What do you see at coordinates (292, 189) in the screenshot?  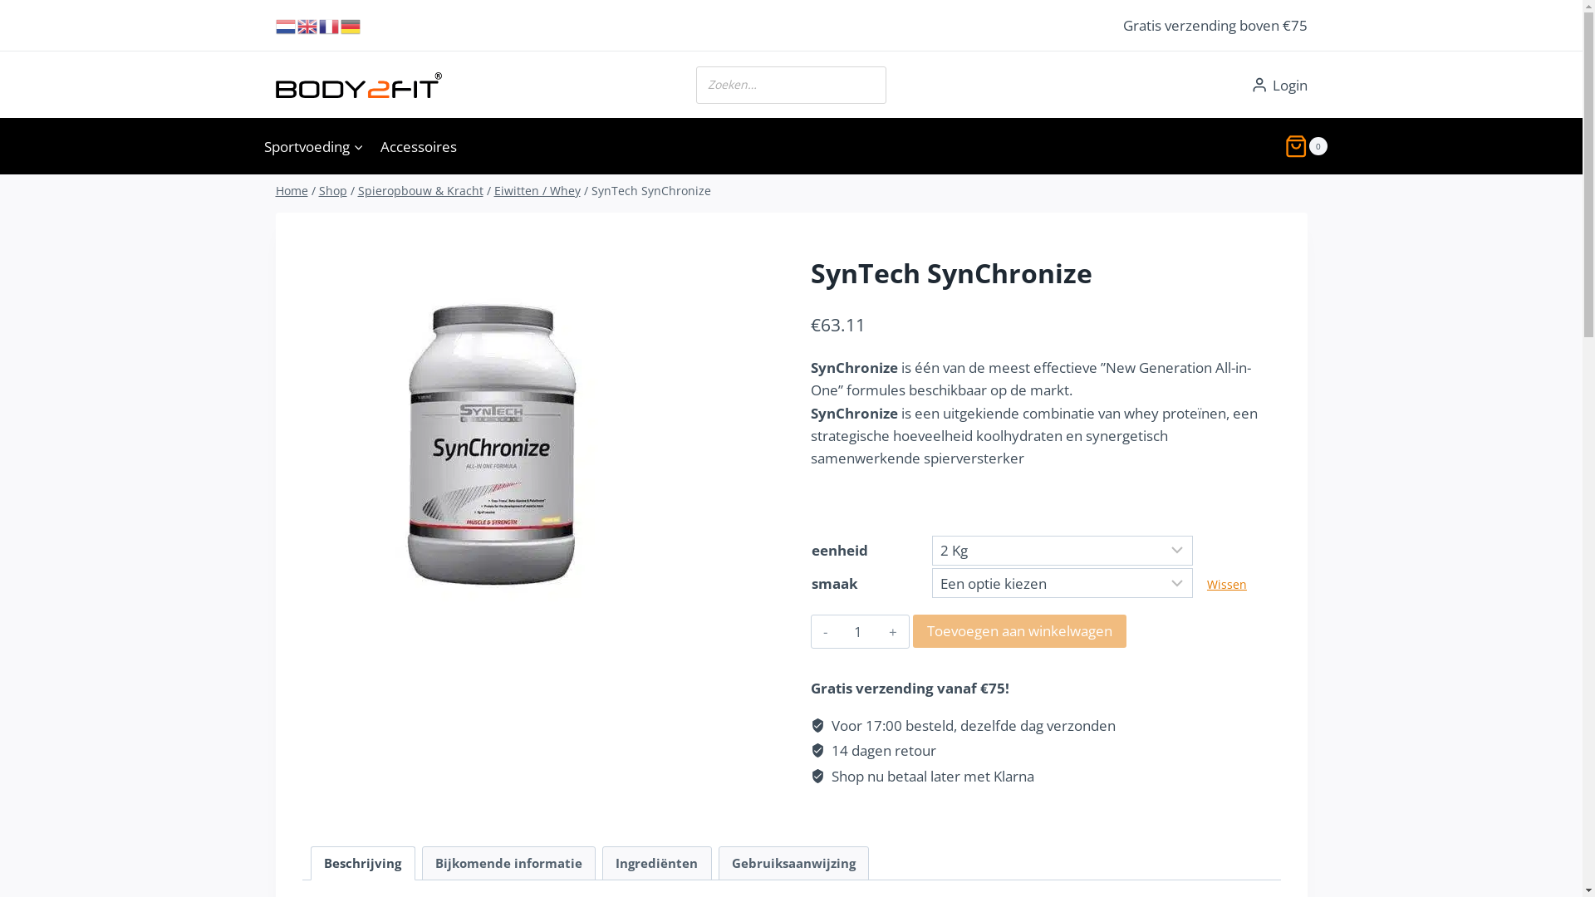 I see `'Home'` at bounding box center [292, 189].